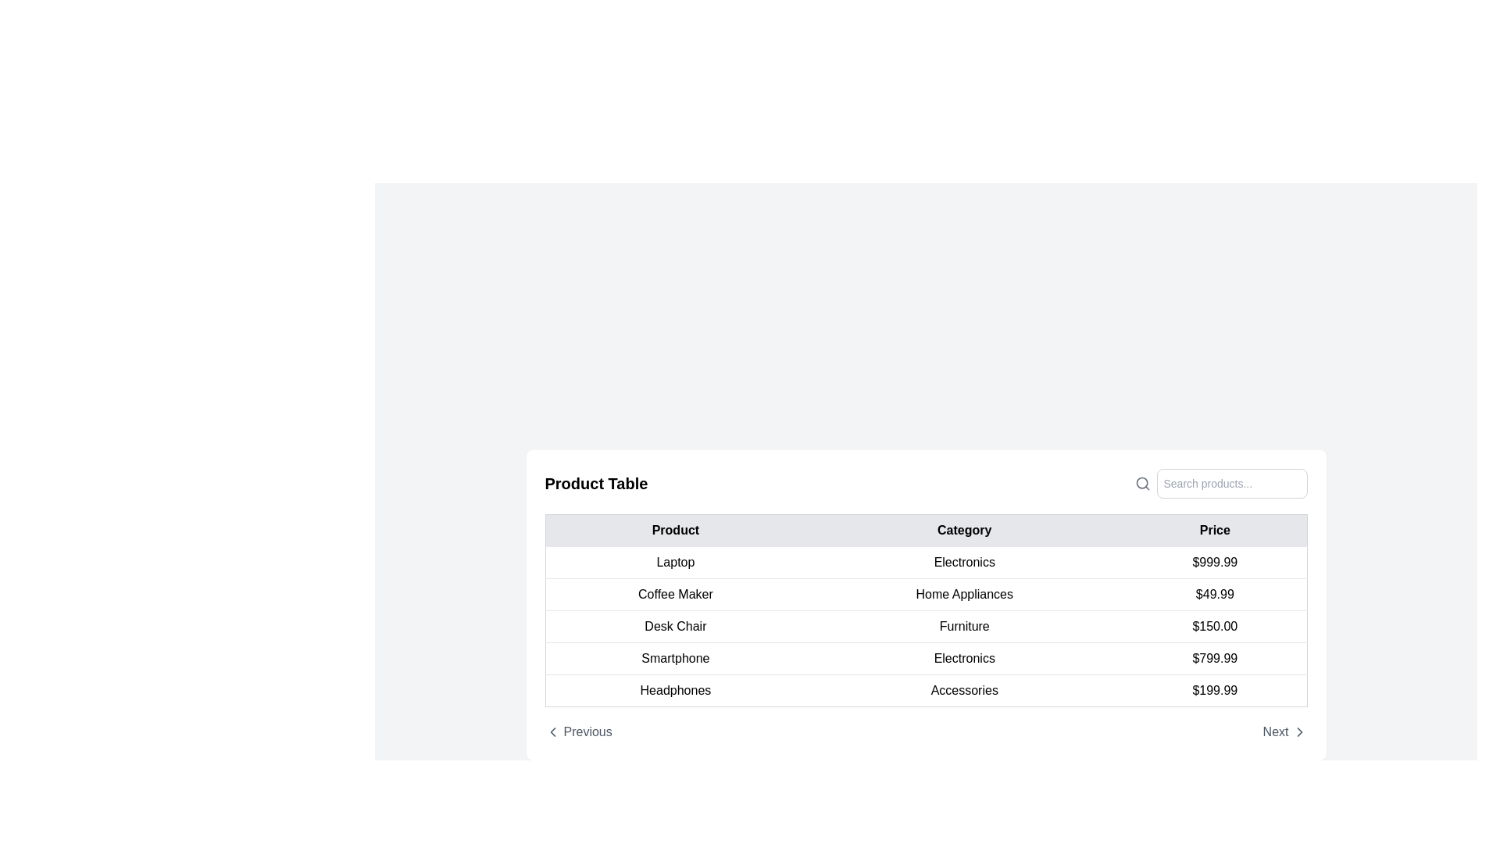 The height and width of the screenshot is (844, 1500). What do you see at coordinates (963, 561) in the screenshot?
I see `the Static Text Label that reads 'Electronics', located in the second column under the 'Category' header in the data table` at bounding box center [963, 561].